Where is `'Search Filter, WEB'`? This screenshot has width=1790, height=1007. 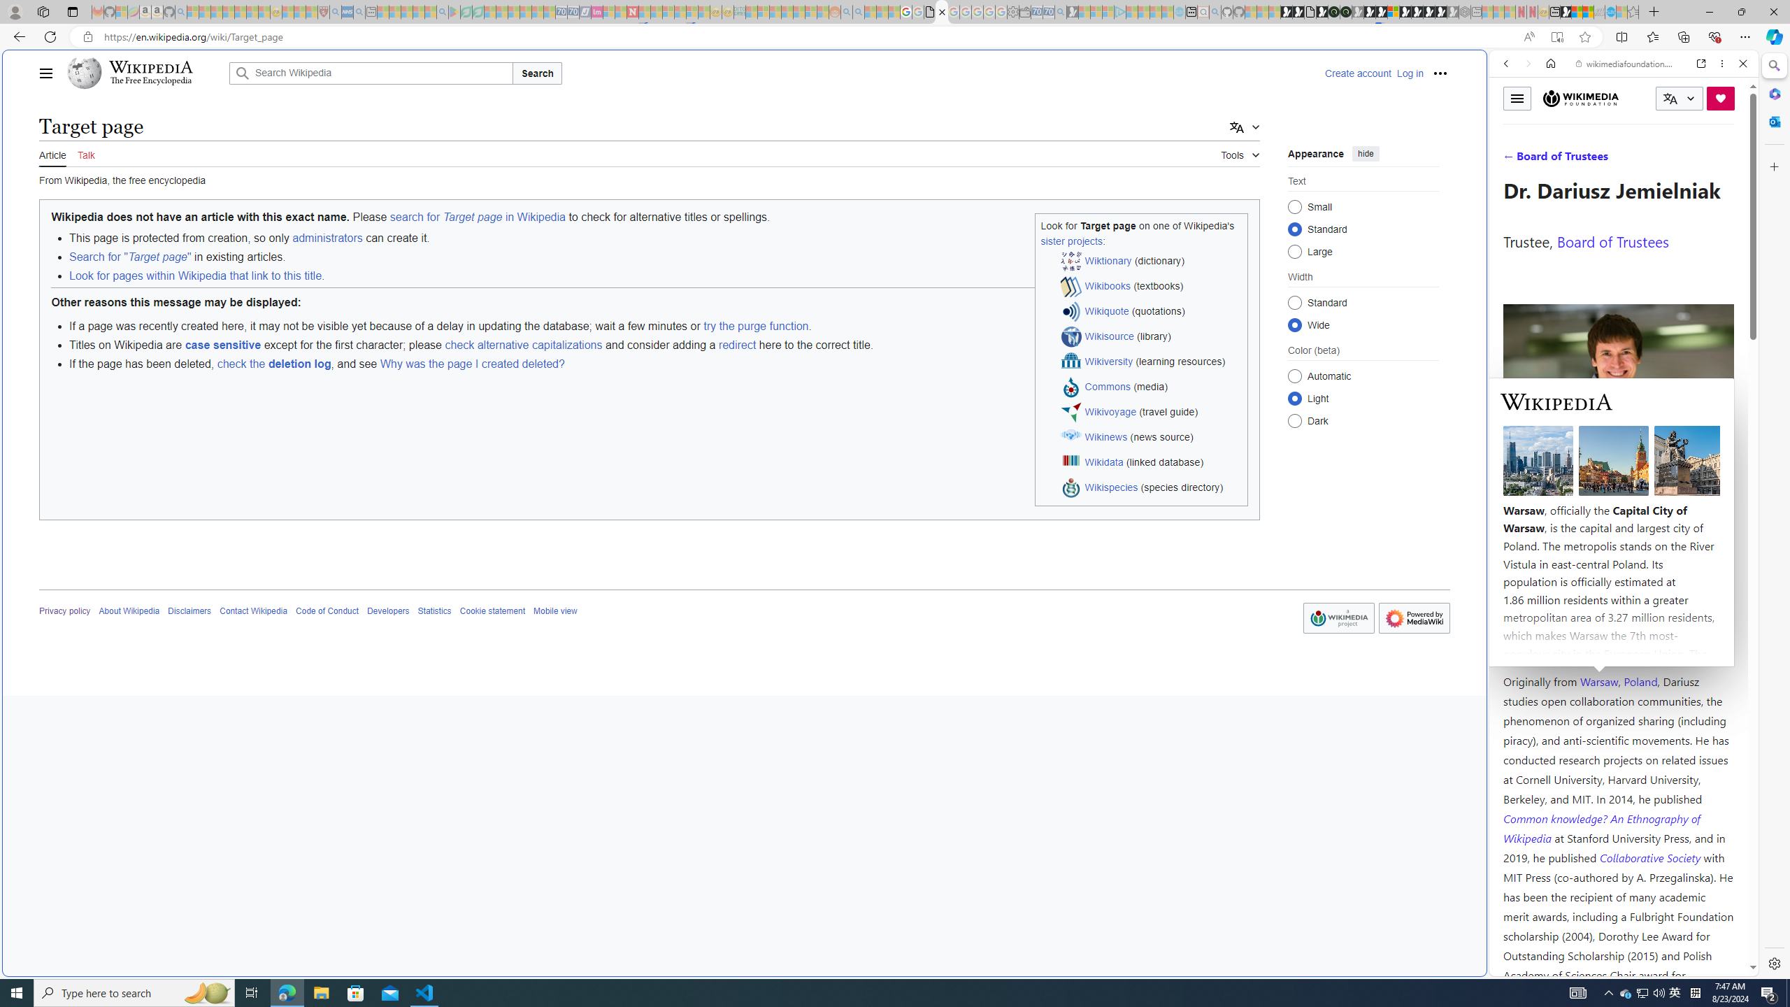
'Search Filter, WEB' is located at coordinates (1512, 159).